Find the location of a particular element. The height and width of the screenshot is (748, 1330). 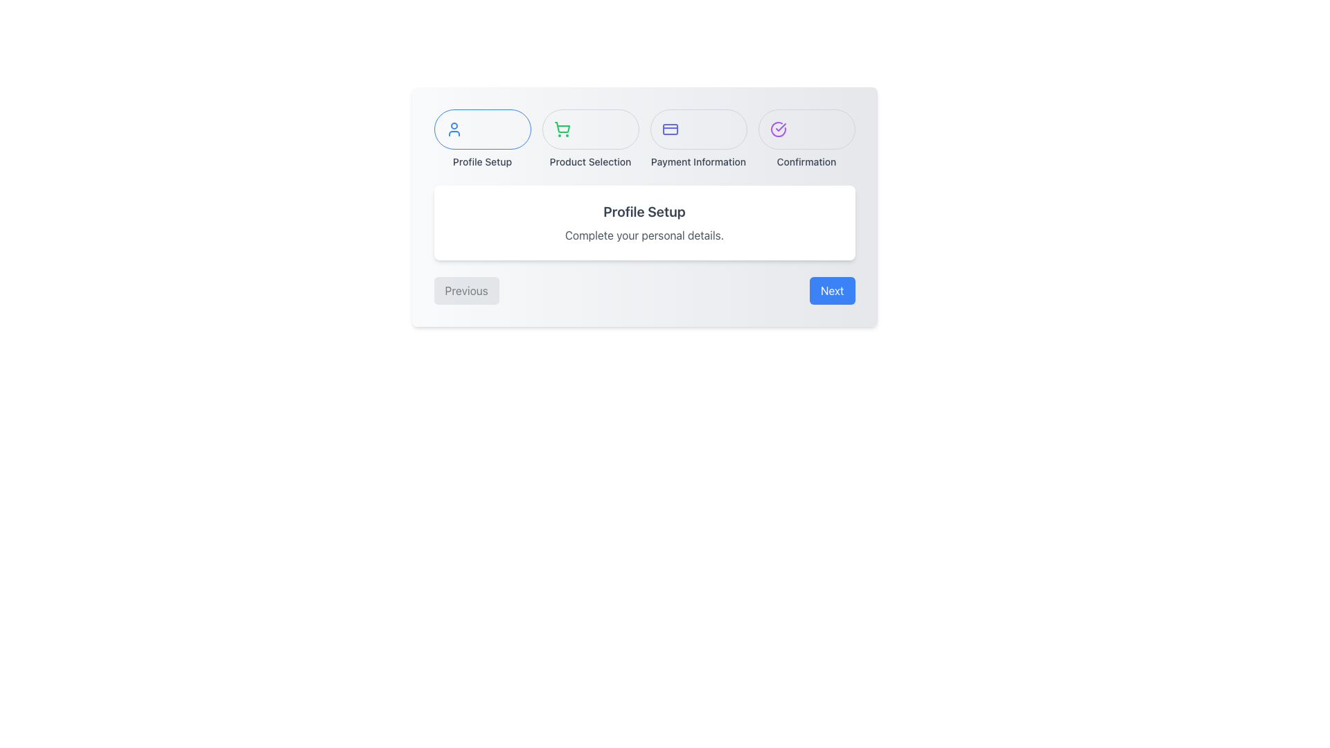

the 'Profile Setup' step indicator, which is the first item in a row of four step indicators in the multi-step process is located at coordinates (482, 139).